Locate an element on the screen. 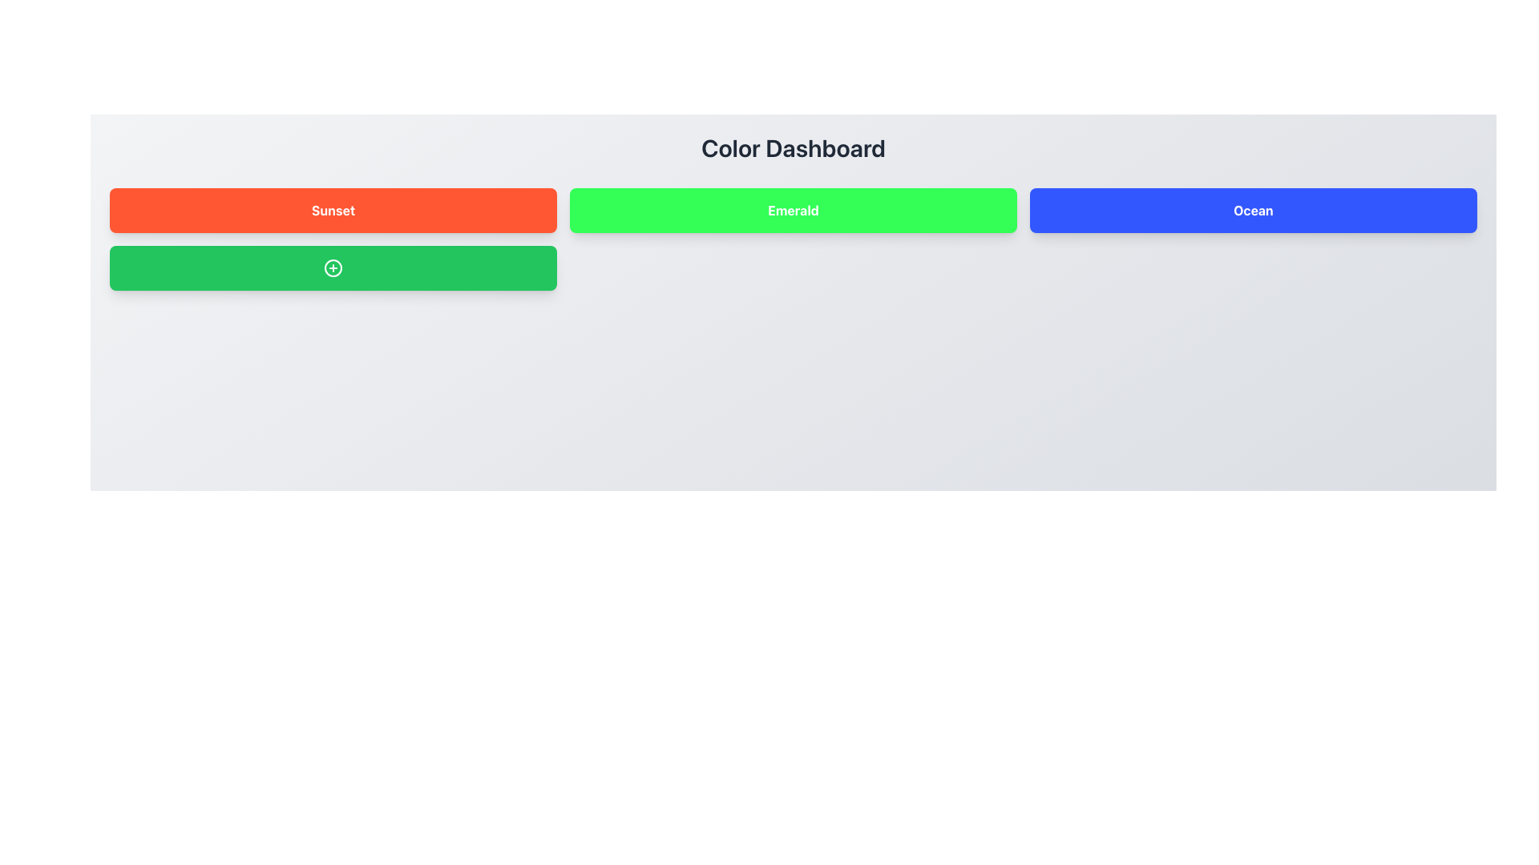  the green circular icon with a white plus sign located at the center of the green rectangular button labeled 'Emerald' is located at coordinates (333, 268).